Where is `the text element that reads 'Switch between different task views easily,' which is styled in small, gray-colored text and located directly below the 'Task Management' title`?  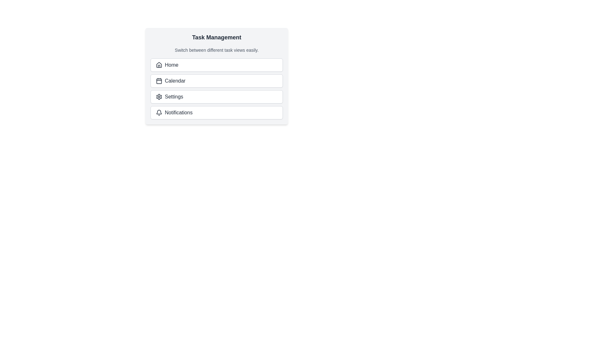
the text element that reads 'Switch between different task views easily,' which is styled in small, gray-colored text and located directly below the 'Task Management' title is located at coordinates (217, 50).